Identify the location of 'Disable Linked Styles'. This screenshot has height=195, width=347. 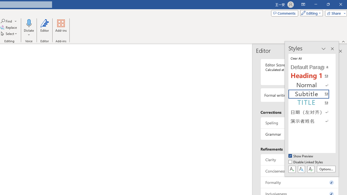
(306, 162).